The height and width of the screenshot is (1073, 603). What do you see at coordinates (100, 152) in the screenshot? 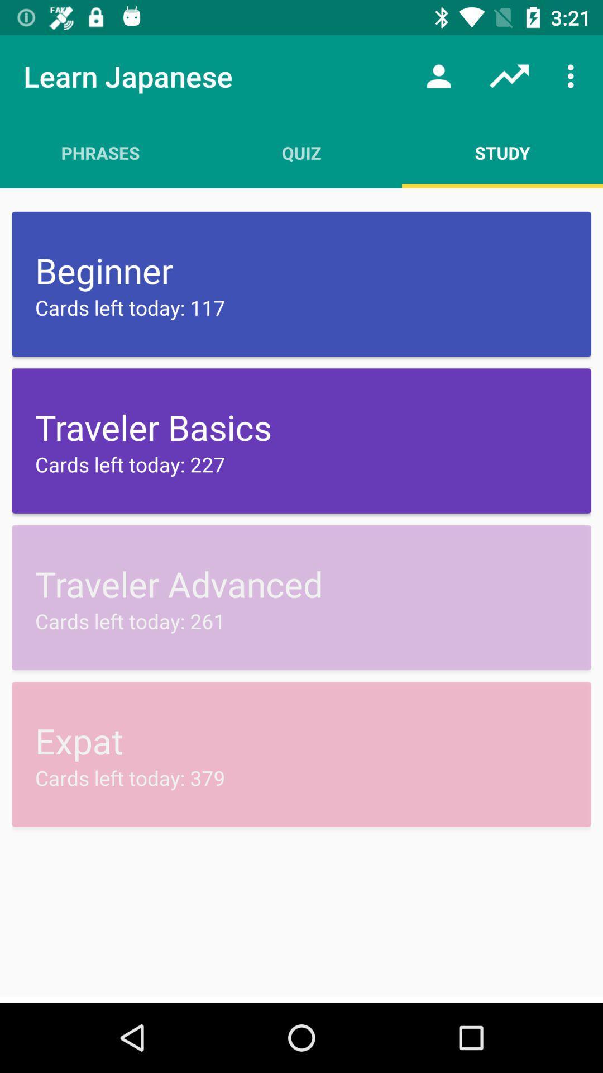
I see `icon below the learn japanese icon` at bounding box center [100, 152].